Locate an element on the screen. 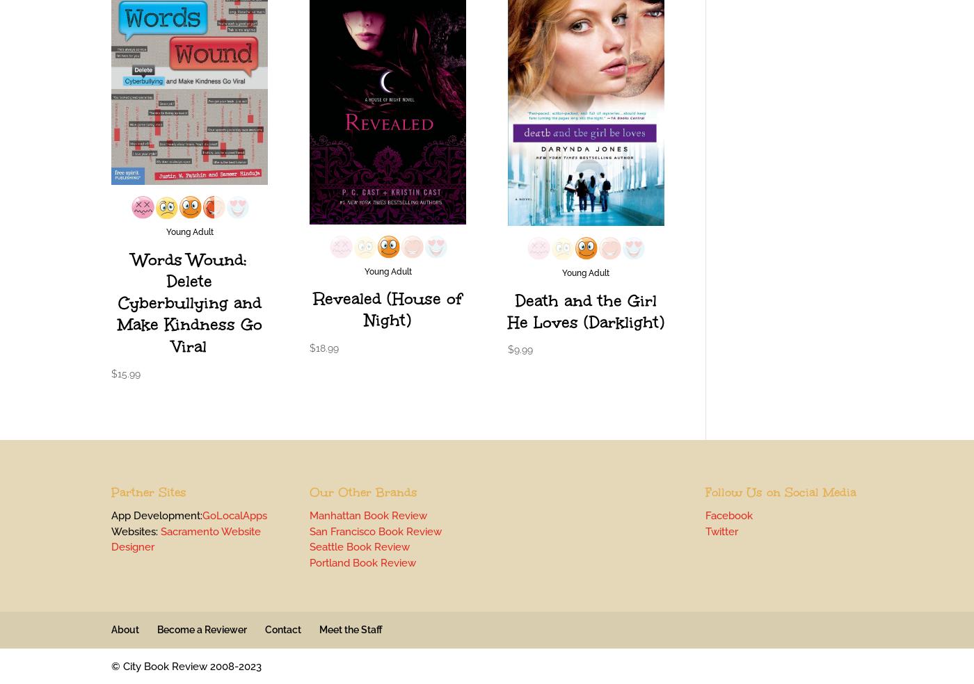  'Websites:' is located at coordinates (136, 530).